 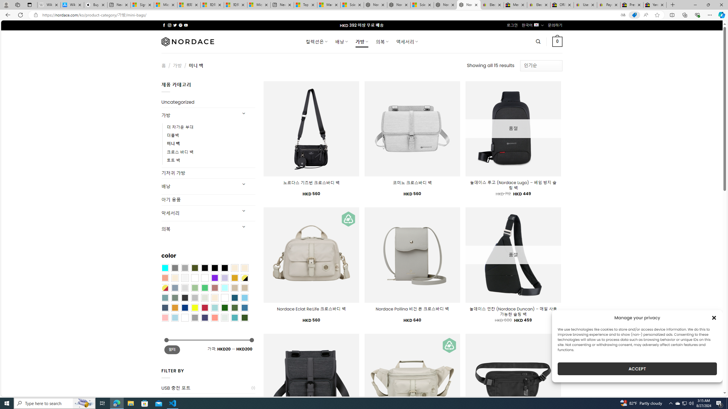 I want to click on 'Microsoft Services Agreement', so click(x=166, y=5).